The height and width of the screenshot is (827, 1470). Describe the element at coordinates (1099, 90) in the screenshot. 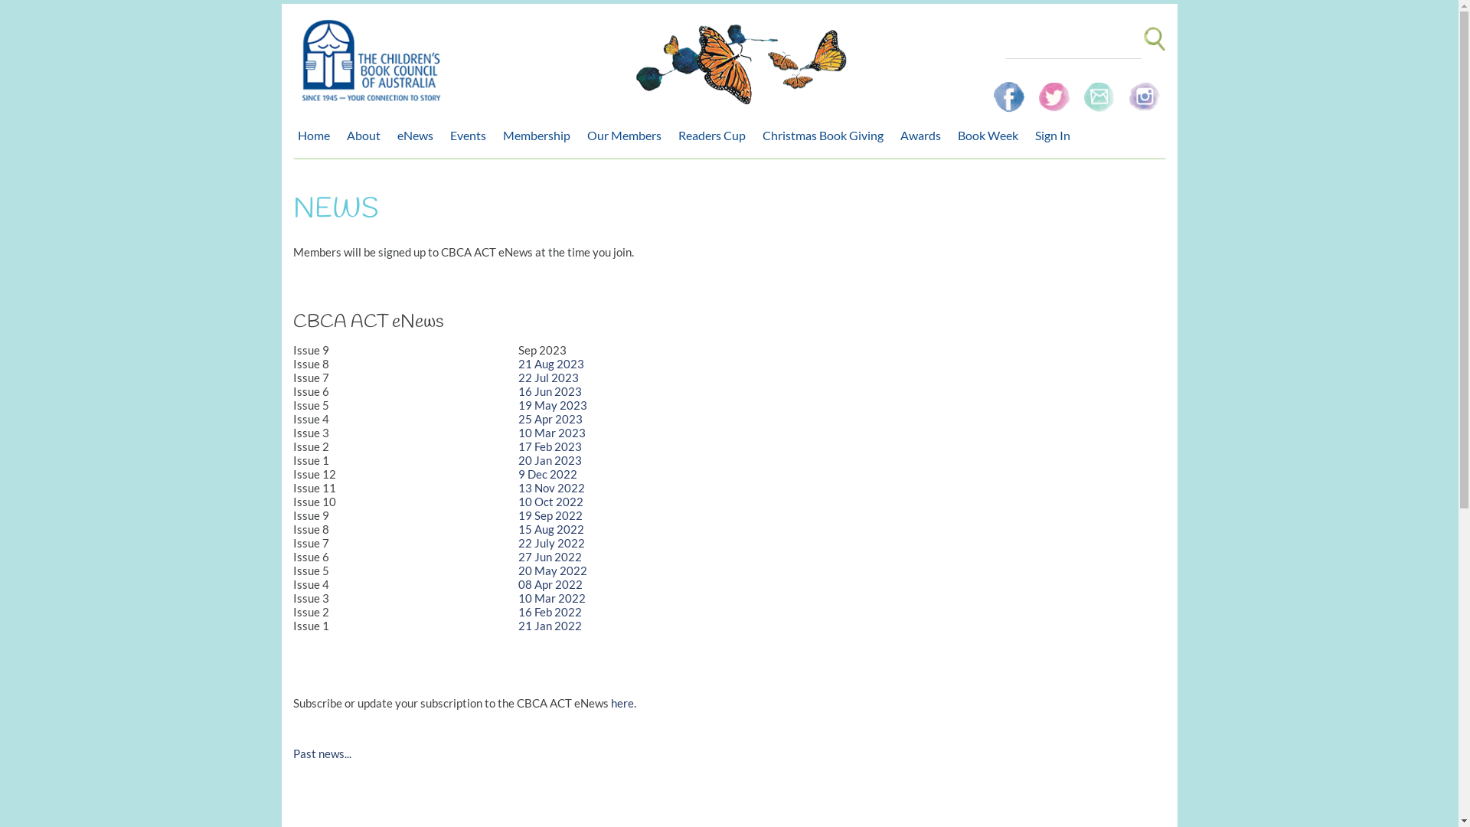

I see `'Email'` at that location.